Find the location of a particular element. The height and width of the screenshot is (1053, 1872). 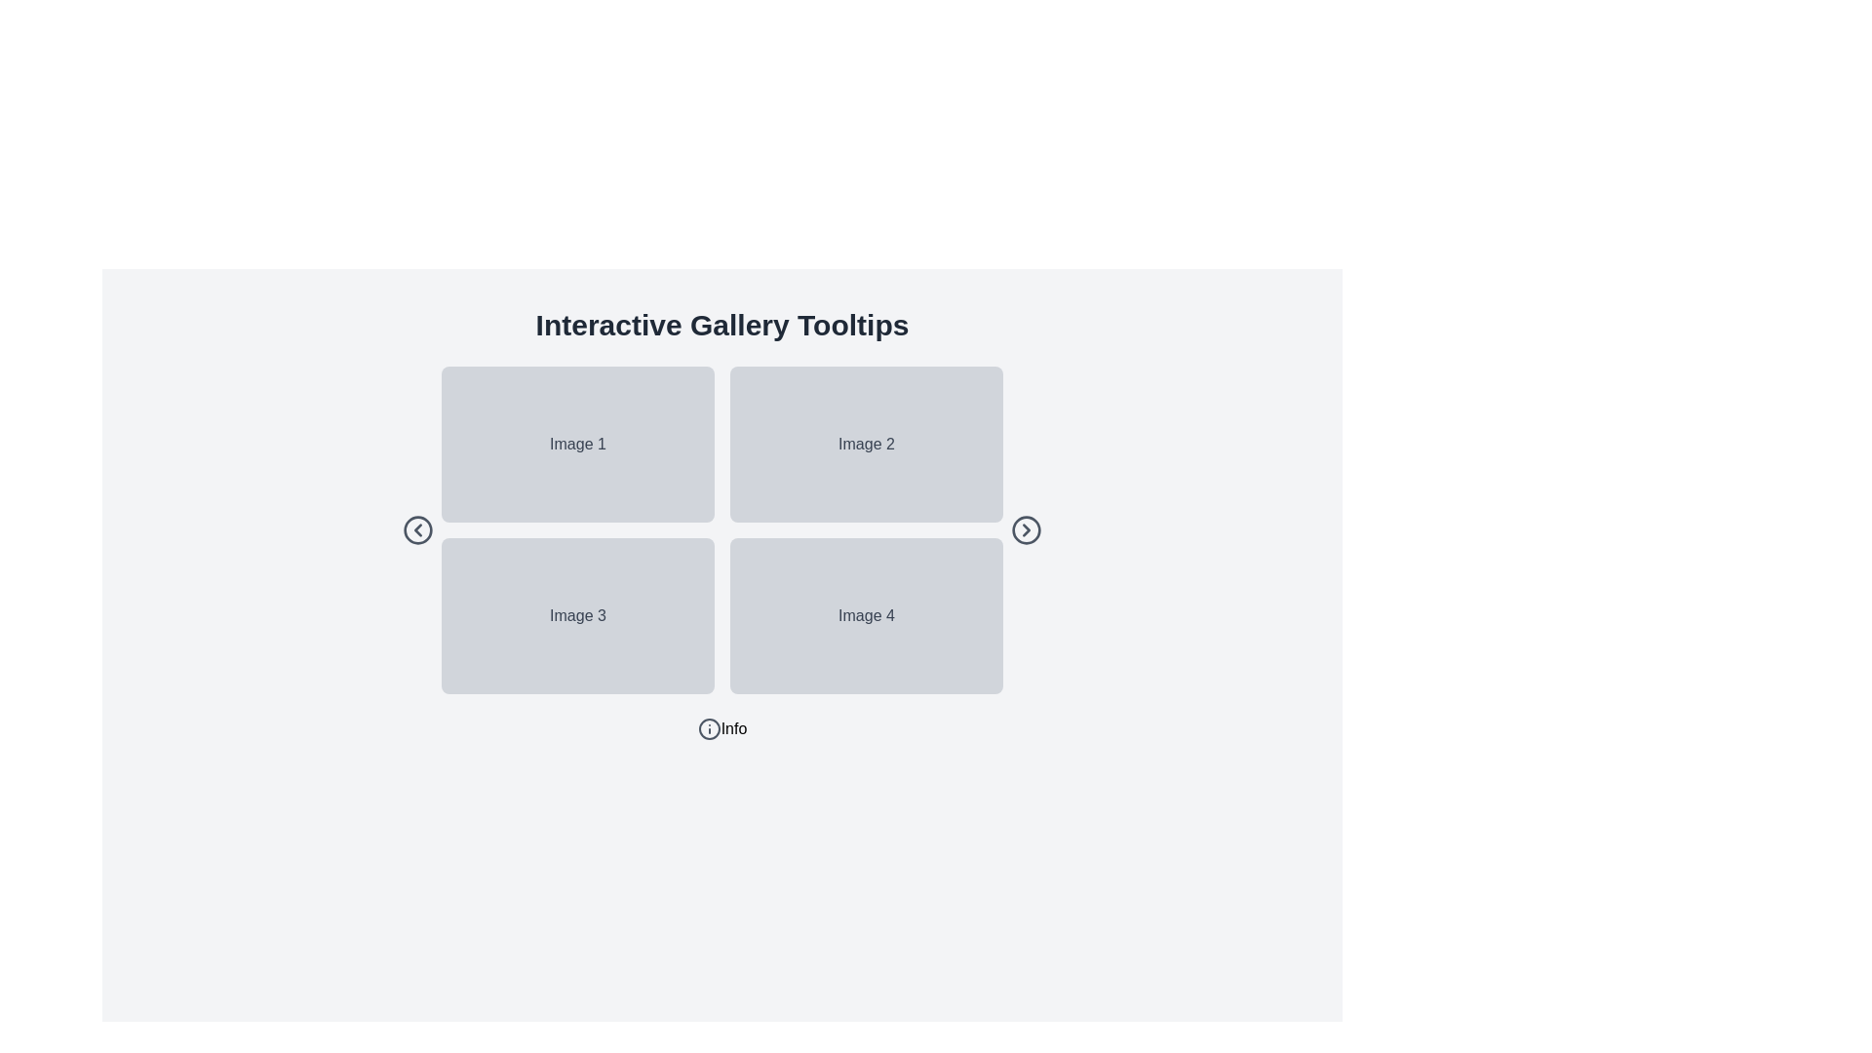

the circular button with a left-pointing chevron arrow to observe the style change is located at coordinates (416, 529).